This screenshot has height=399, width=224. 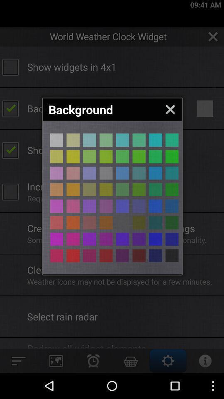 What do you see at coordinates (56, 172) in the screenshot?
I see `choose a color` at bounding box center [56, 172].